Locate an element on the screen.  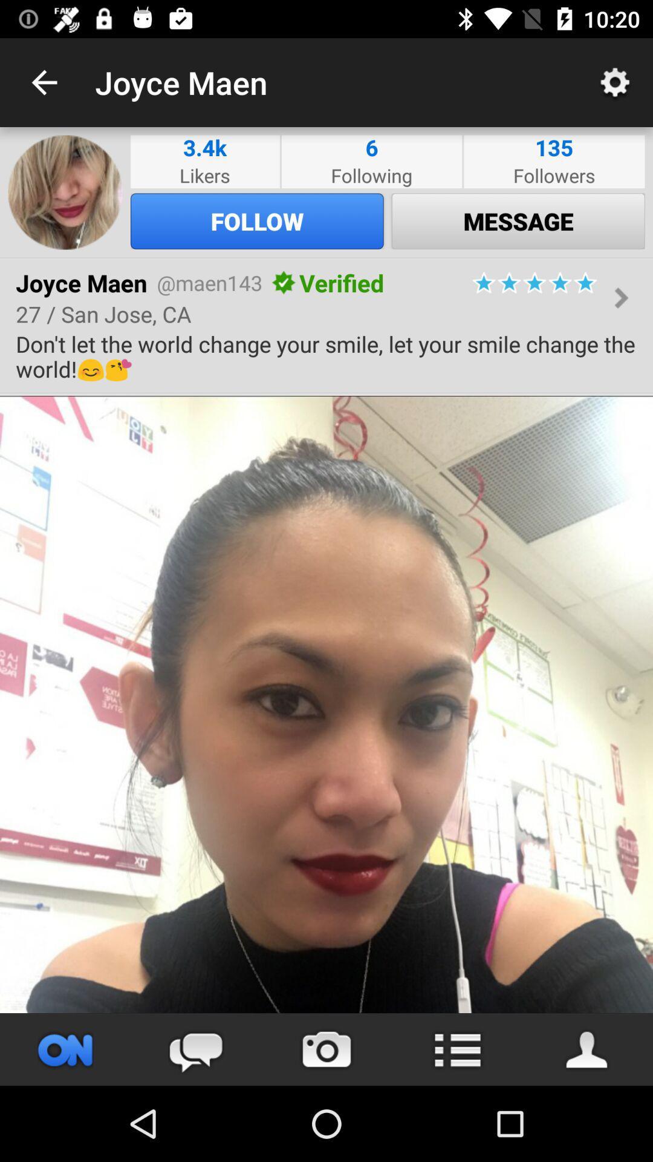
follow icon is located at coordinates (256, 221).